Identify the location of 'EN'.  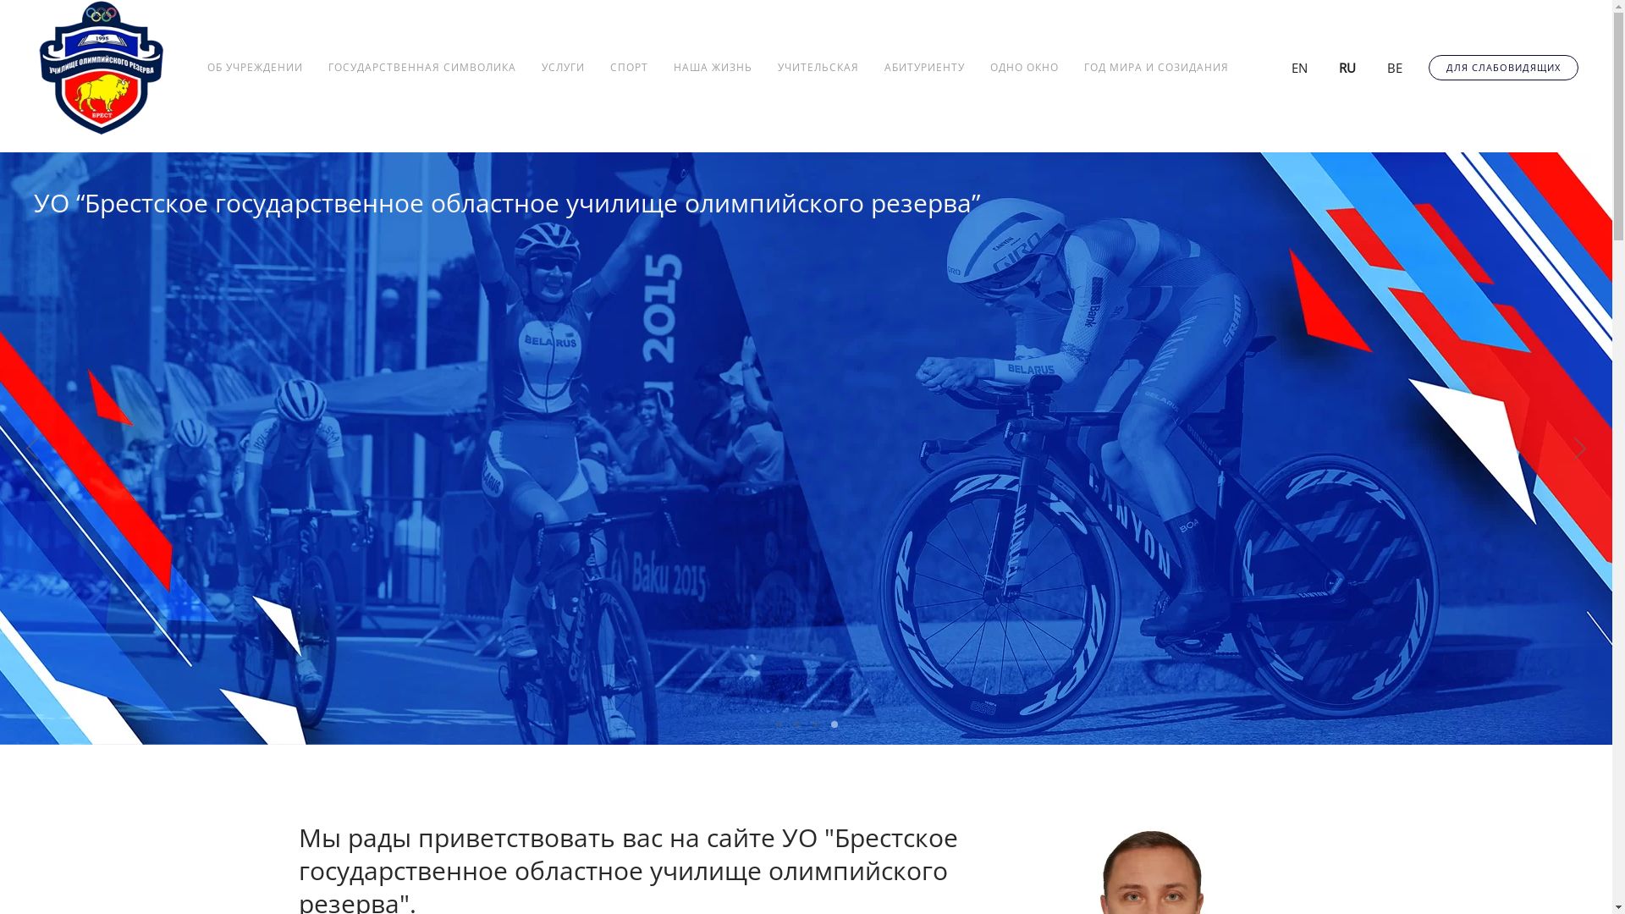
(1288, 65).